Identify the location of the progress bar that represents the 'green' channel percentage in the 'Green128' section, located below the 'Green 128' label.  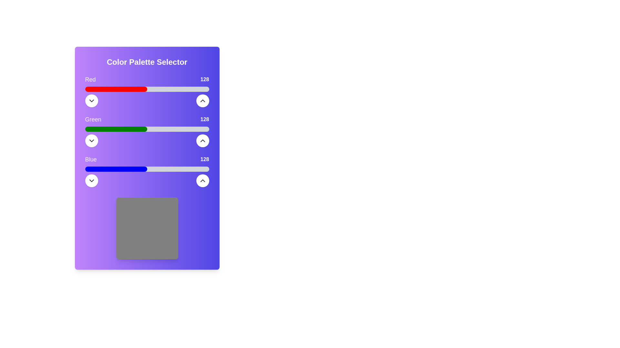
(147, 129).